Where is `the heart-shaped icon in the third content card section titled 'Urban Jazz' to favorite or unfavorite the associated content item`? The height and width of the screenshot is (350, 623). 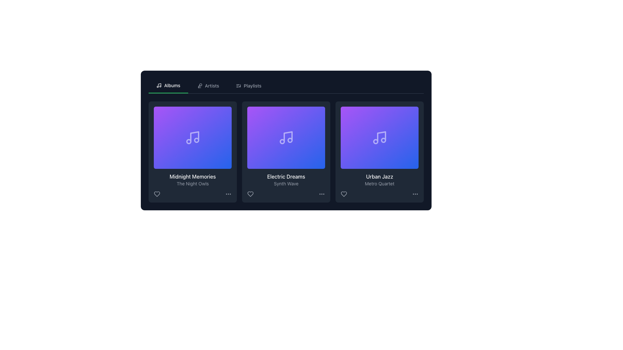
the heart-shaped icon in the third content card section titled 'Urban Jazz' to favorite or unfavorite the associated content item is located at coordinates (344, 193).